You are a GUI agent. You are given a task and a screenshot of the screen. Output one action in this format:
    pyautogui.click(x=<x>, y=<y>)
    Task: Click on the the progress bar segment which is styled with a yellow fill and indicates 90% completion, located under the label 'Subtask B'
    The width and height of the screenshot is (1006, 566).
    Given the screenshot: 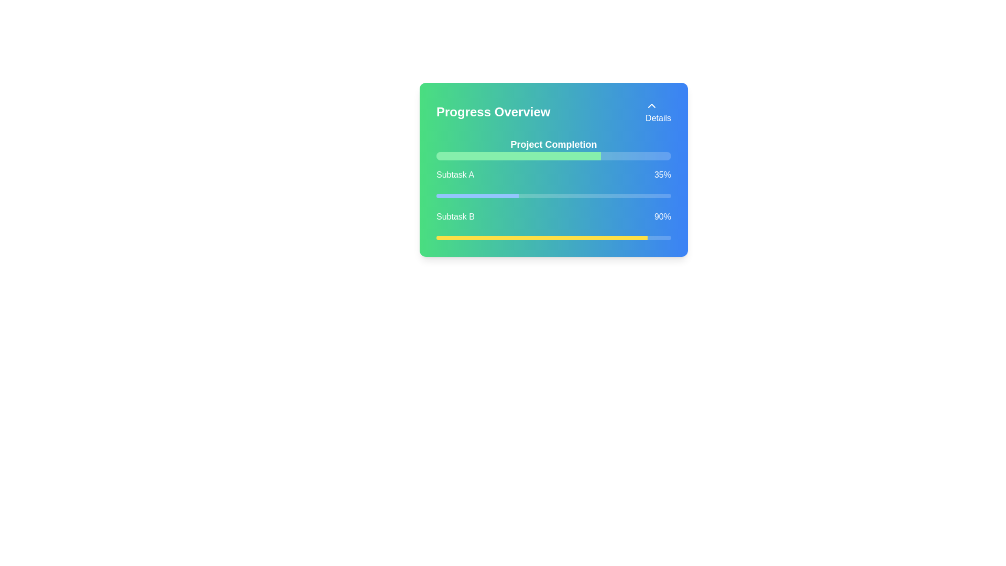 What is the action you would take?
    pyautogui.click(x=542, y=238)
    